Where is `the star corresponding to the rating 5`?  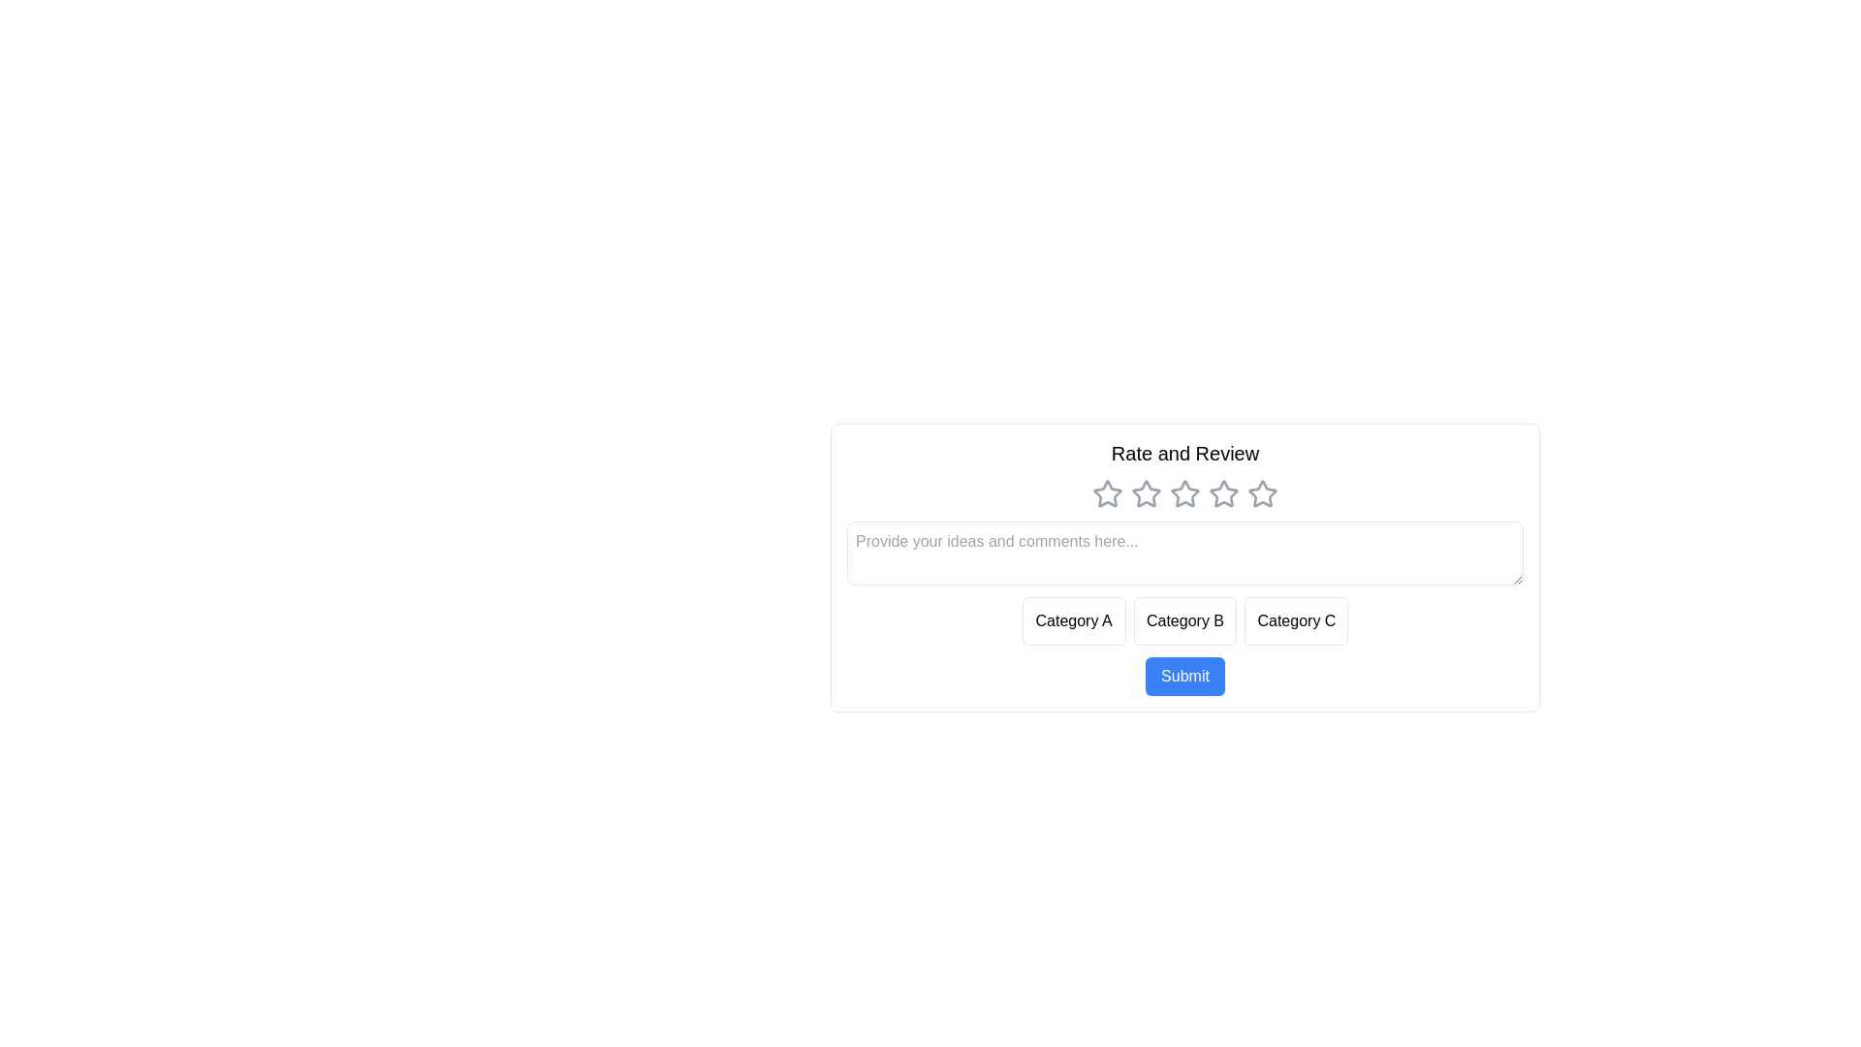 the star corresponding to the rating 5 is located at coordinates (1262, 492).